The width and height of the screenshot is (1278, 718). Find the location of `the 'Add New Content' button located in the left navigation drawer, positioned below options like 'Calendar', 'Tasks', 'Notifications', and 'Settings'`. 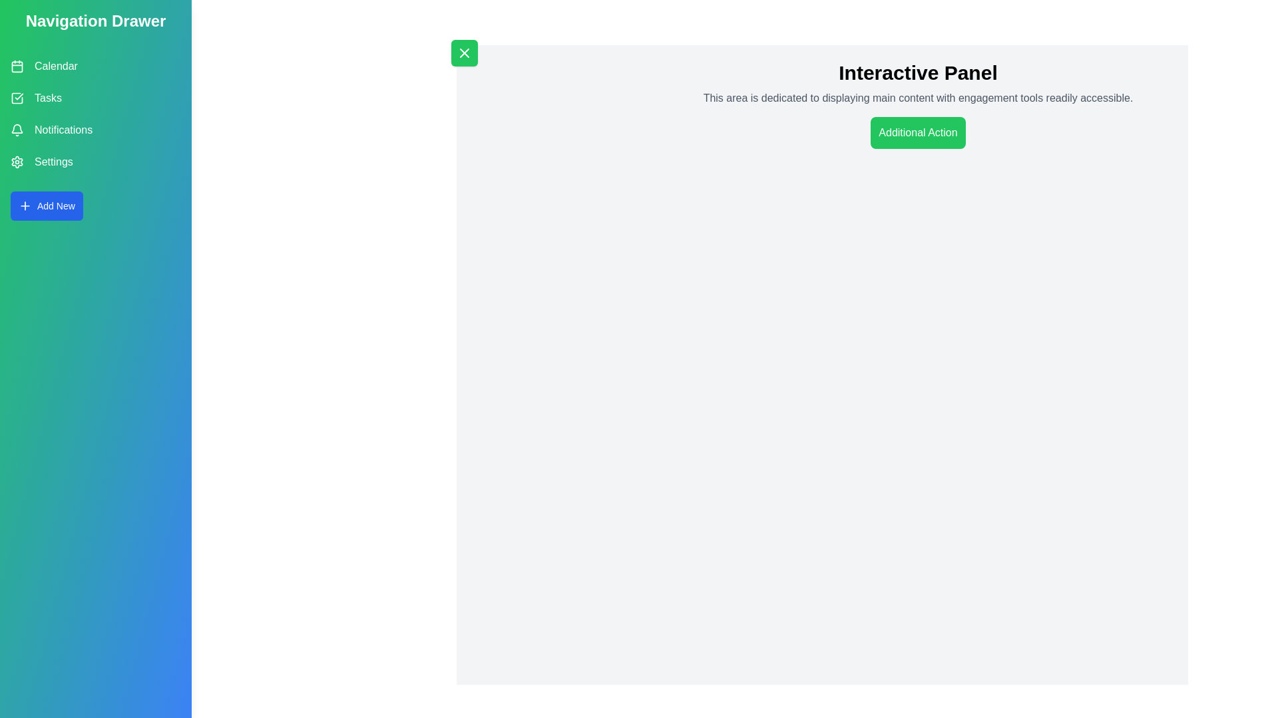

the 'Add New Content' button located in the left navigation drawer, positioned below options like 'Calendar', 'Tasks', 'Notifications', and 'Settings' is located at coordinates (47, 205).